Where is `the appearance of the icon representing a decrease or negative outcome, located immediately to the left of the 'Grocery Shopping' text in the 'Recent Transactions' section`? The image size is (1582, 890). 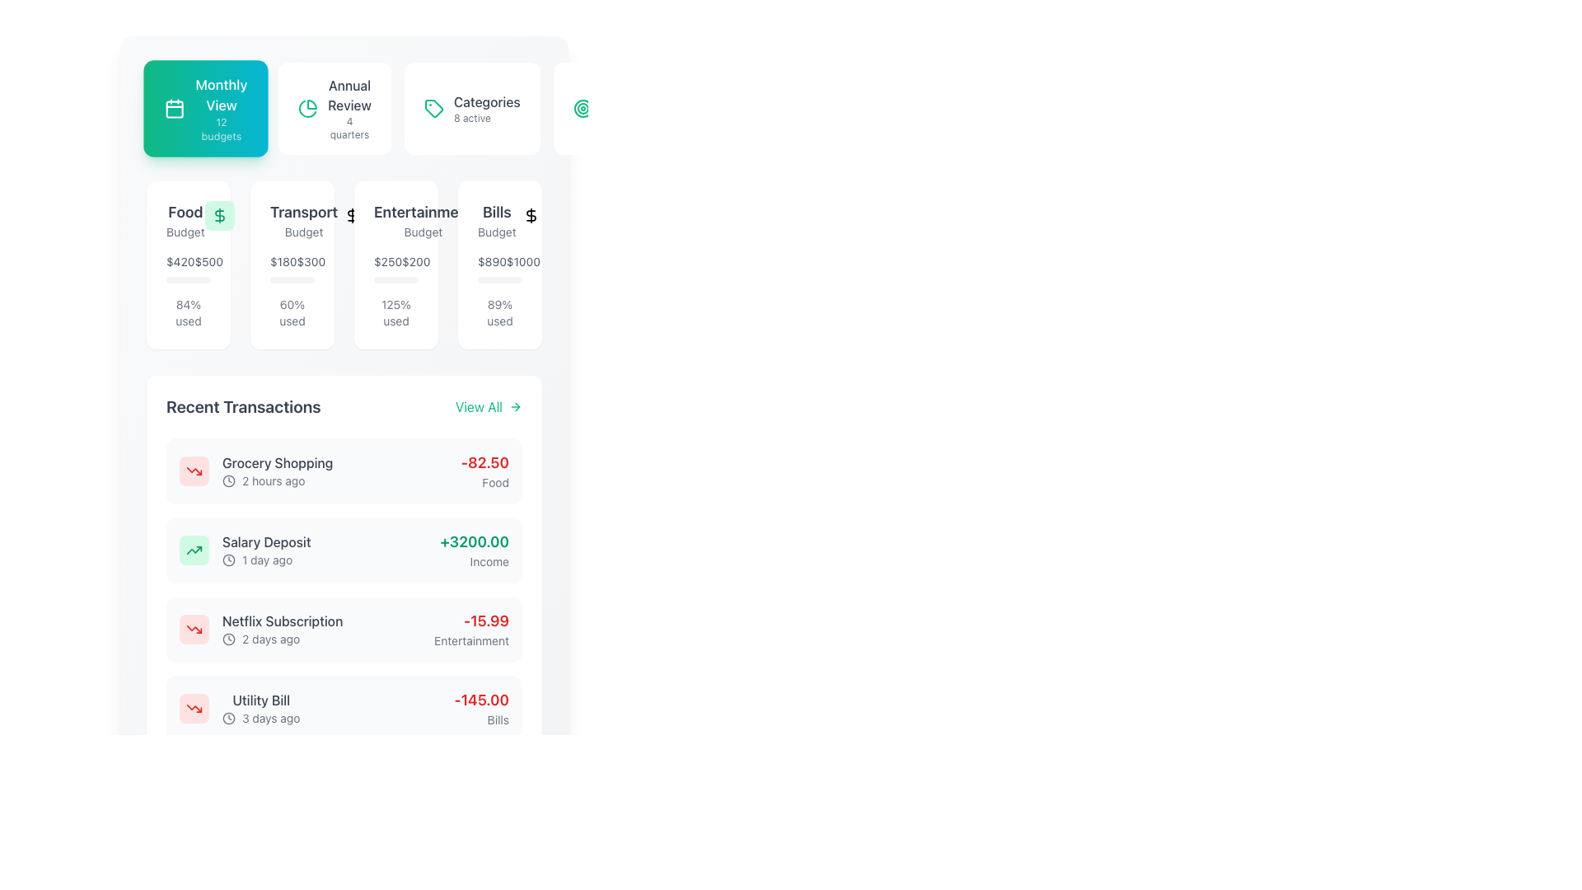
the appearance of the icon representing a decrease or negative outcome, located immediately to the left of the 'Grocery Shopping' text in the 'Recent Transactions' section is located at coordinates (194, 471).